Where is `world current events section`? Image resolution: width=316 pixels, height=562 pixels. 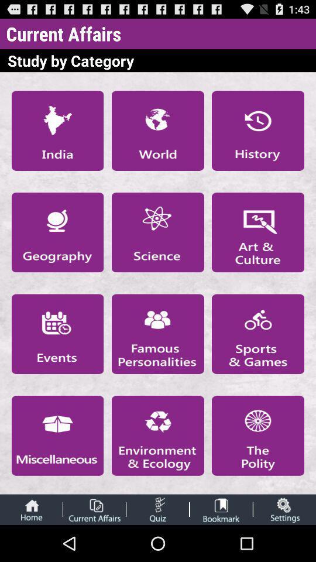
world current events section is located at coordinates (157, 131).